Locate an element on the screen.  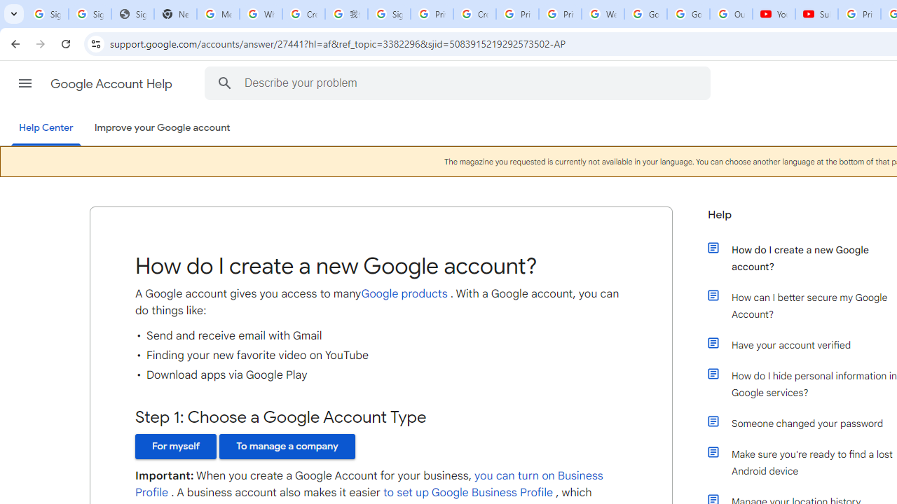
'Who is my administrator? - Google Account Help' is located at coordinates (261, 14).